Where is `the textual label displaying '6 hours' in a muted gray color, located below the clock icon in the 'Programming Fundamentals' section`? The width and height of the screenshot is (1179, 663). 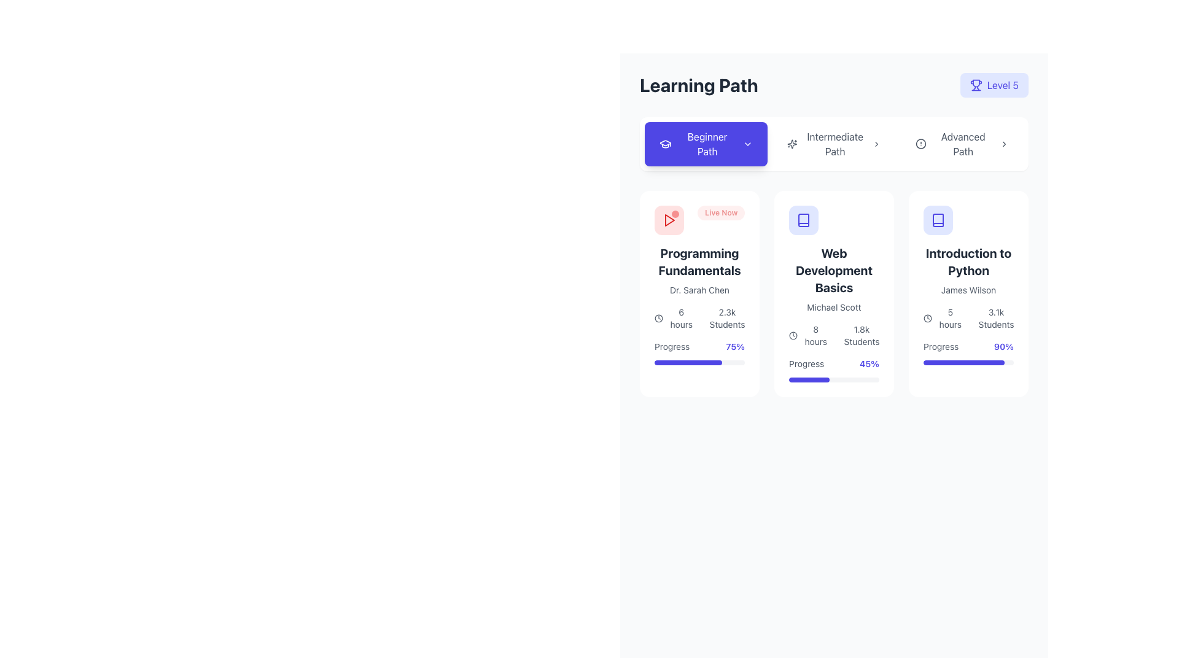
the textual label displaying '6 hours' in a muted gray color, located below the clock icon in the 'Programming Fundamentals' section is located at coordinates (680, 318).